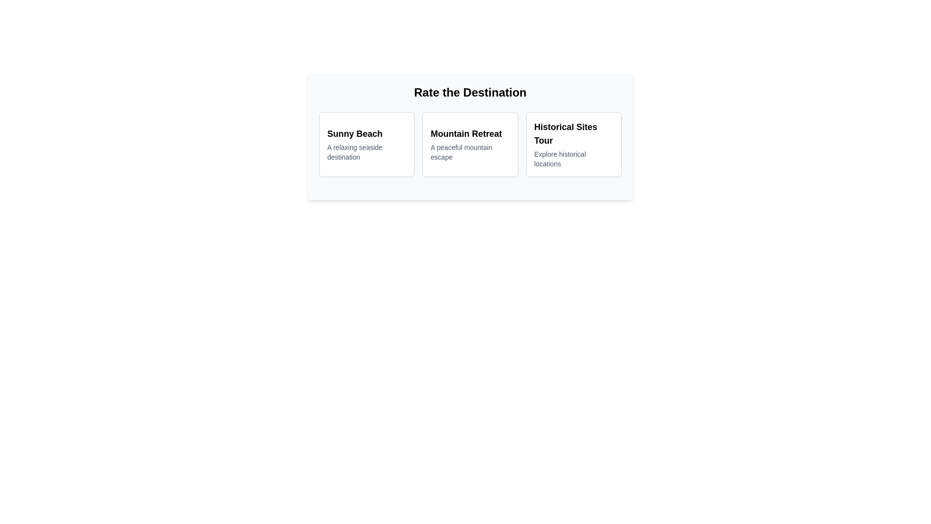  What do you see at coordinates (470, 152) in the screenshot?
I see `the text block displaying 'A peaceful mountain escape', which is located beneath the title 'Mountain Retreat' in the middle card of a three-column layout` at bounding box center [470, 152].